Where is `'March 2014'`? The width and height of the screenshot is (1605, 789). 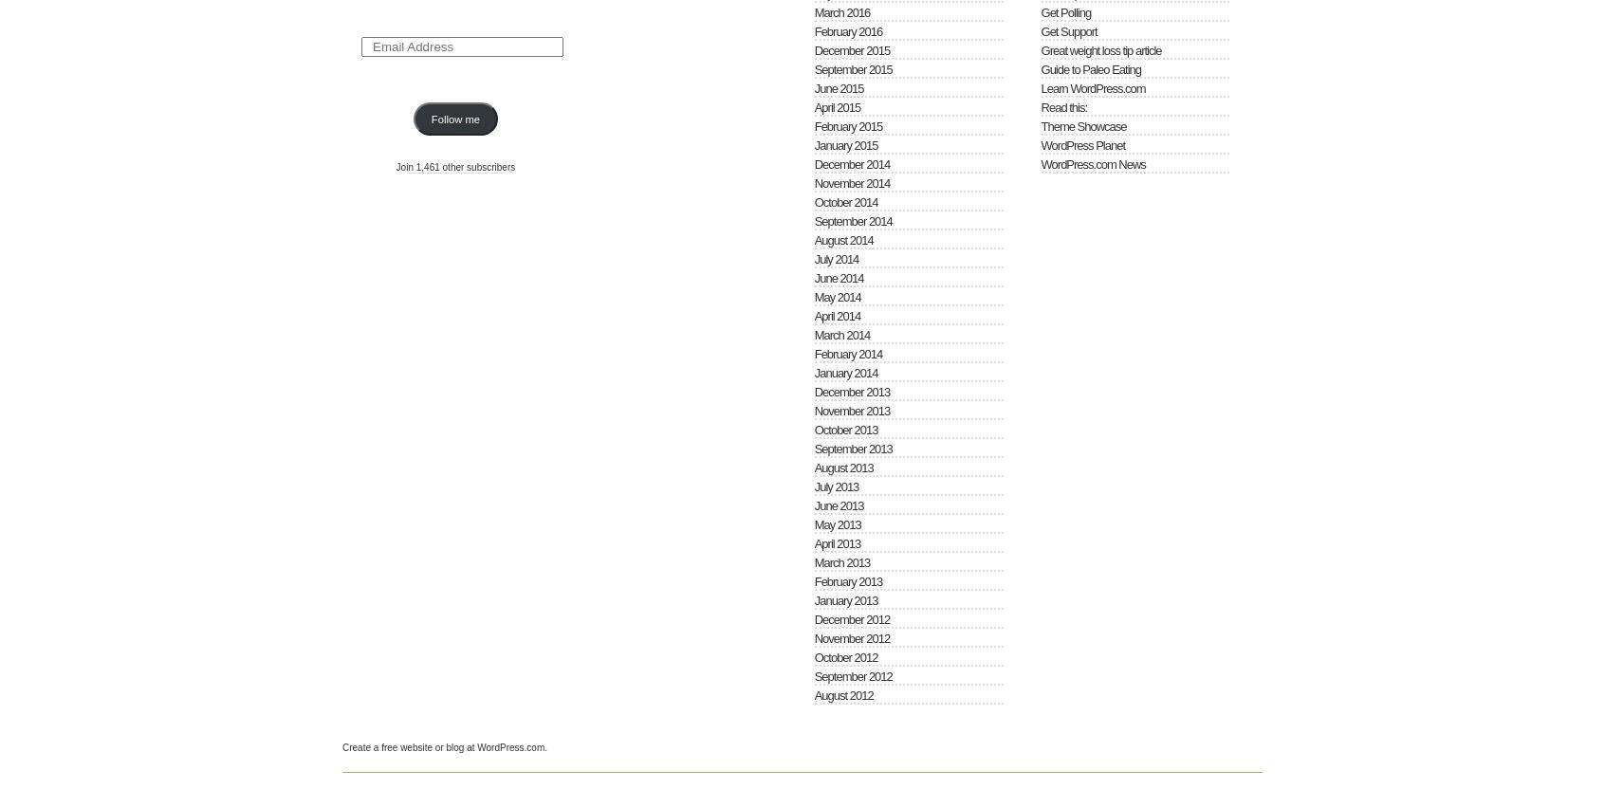
'March 2014' is located at coordinates (840, 335).